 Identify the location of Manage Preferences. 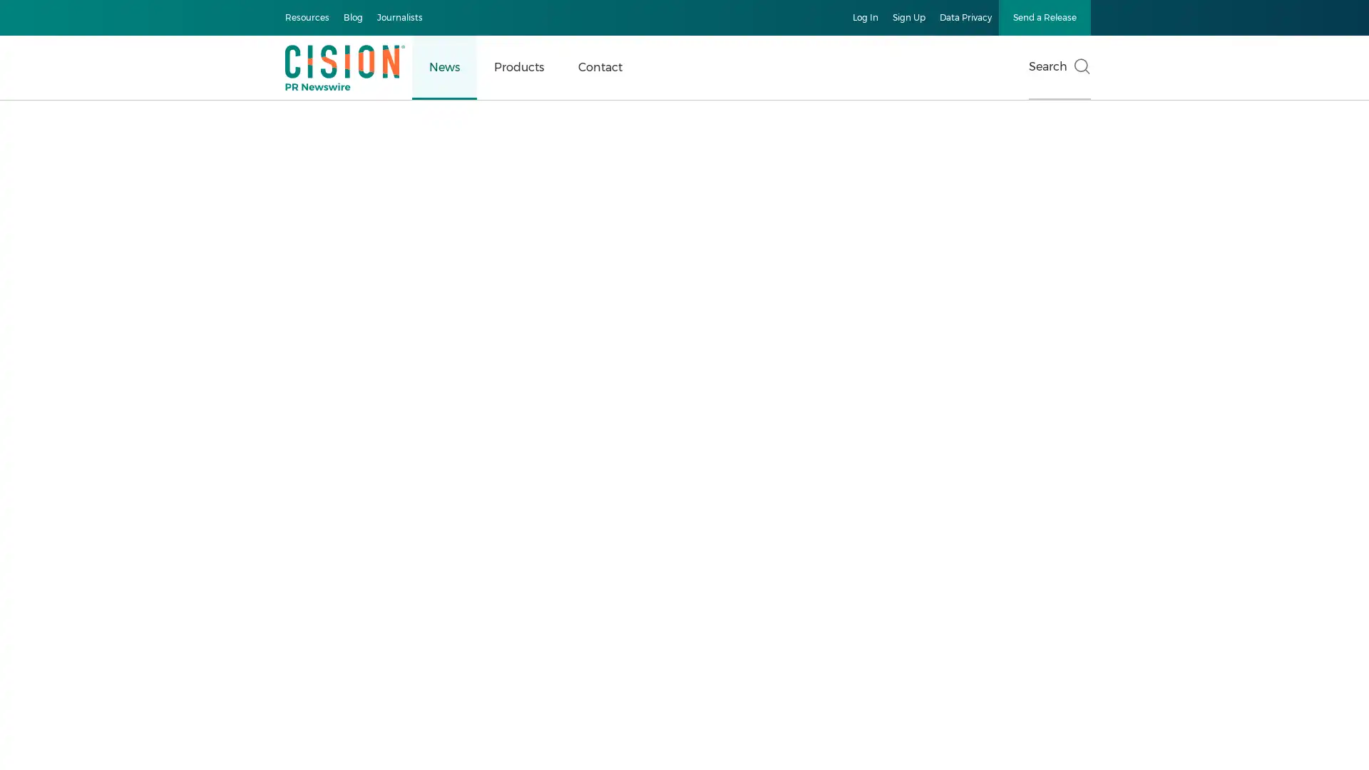
(626, 180).